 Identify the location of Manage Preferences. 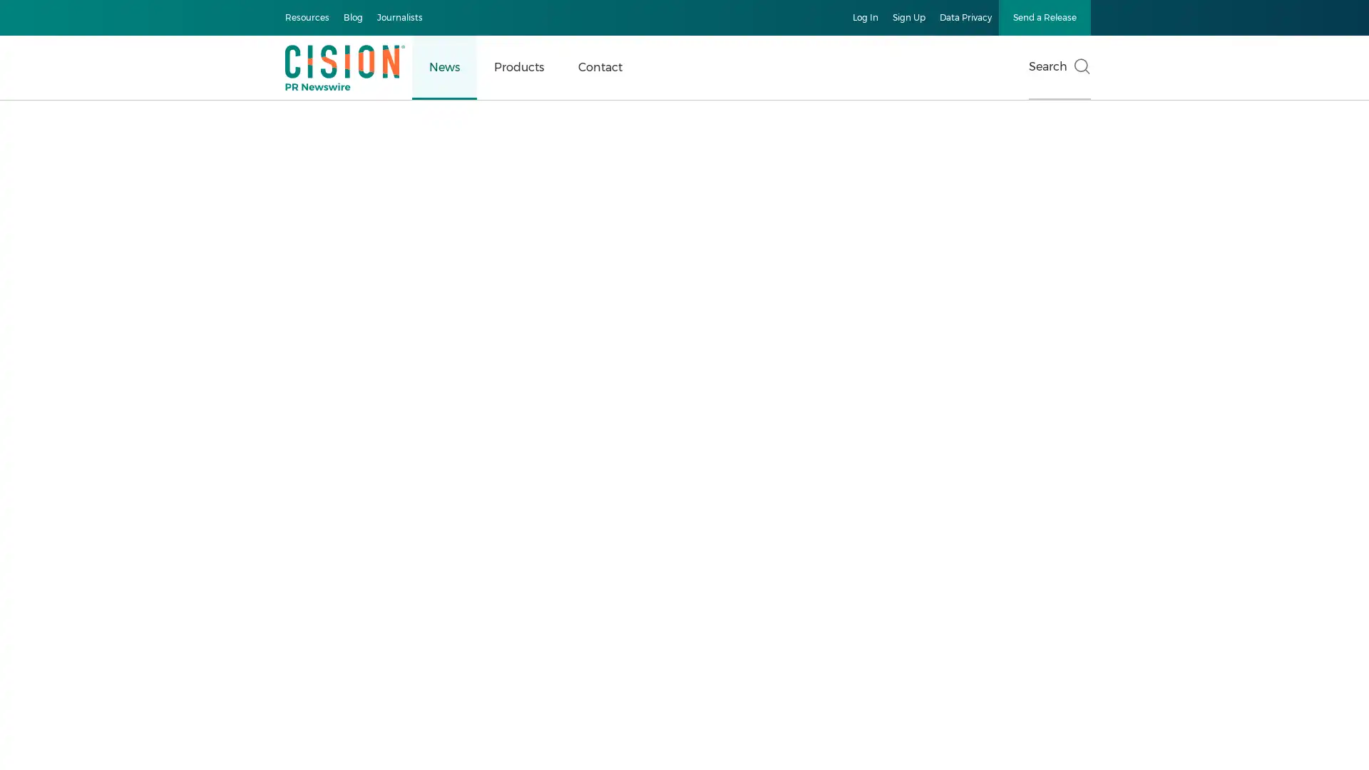
(626, 180).